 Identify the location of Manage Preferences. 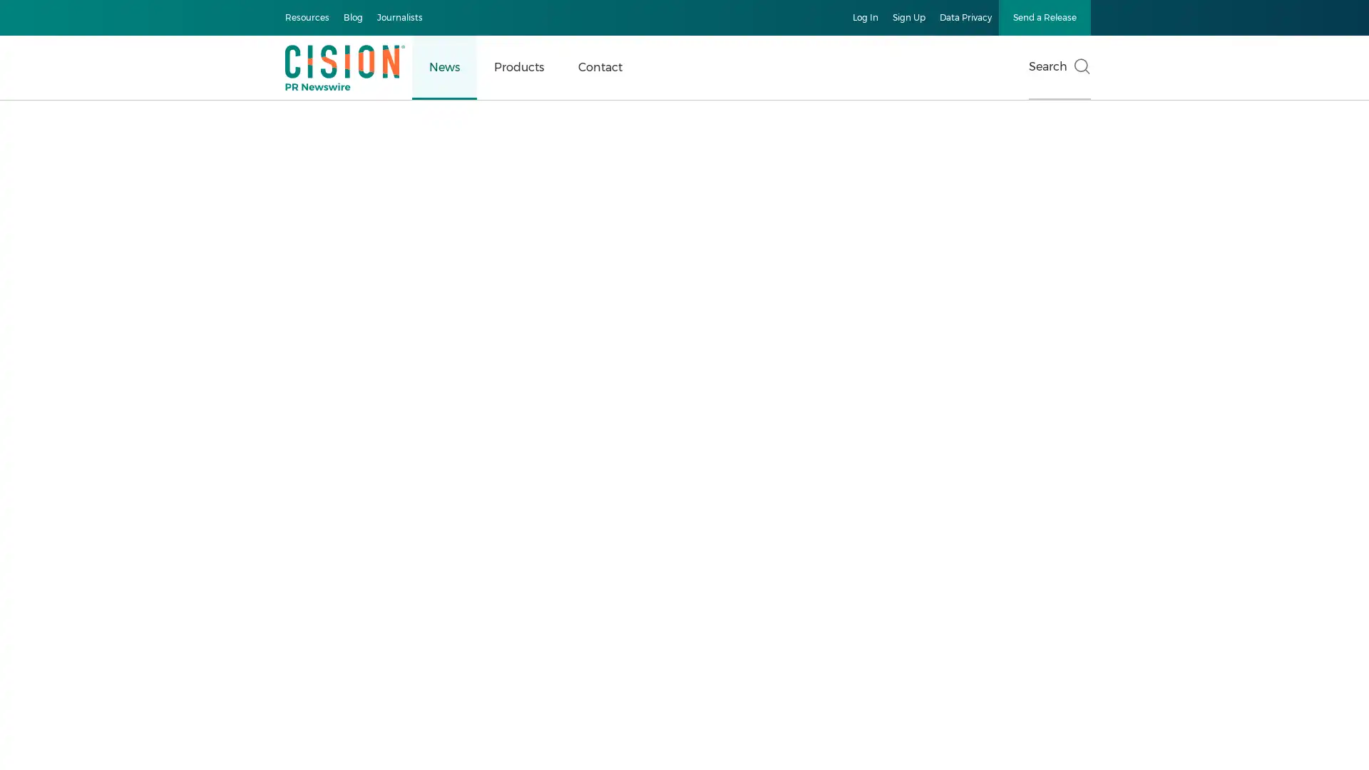
(626, 180).